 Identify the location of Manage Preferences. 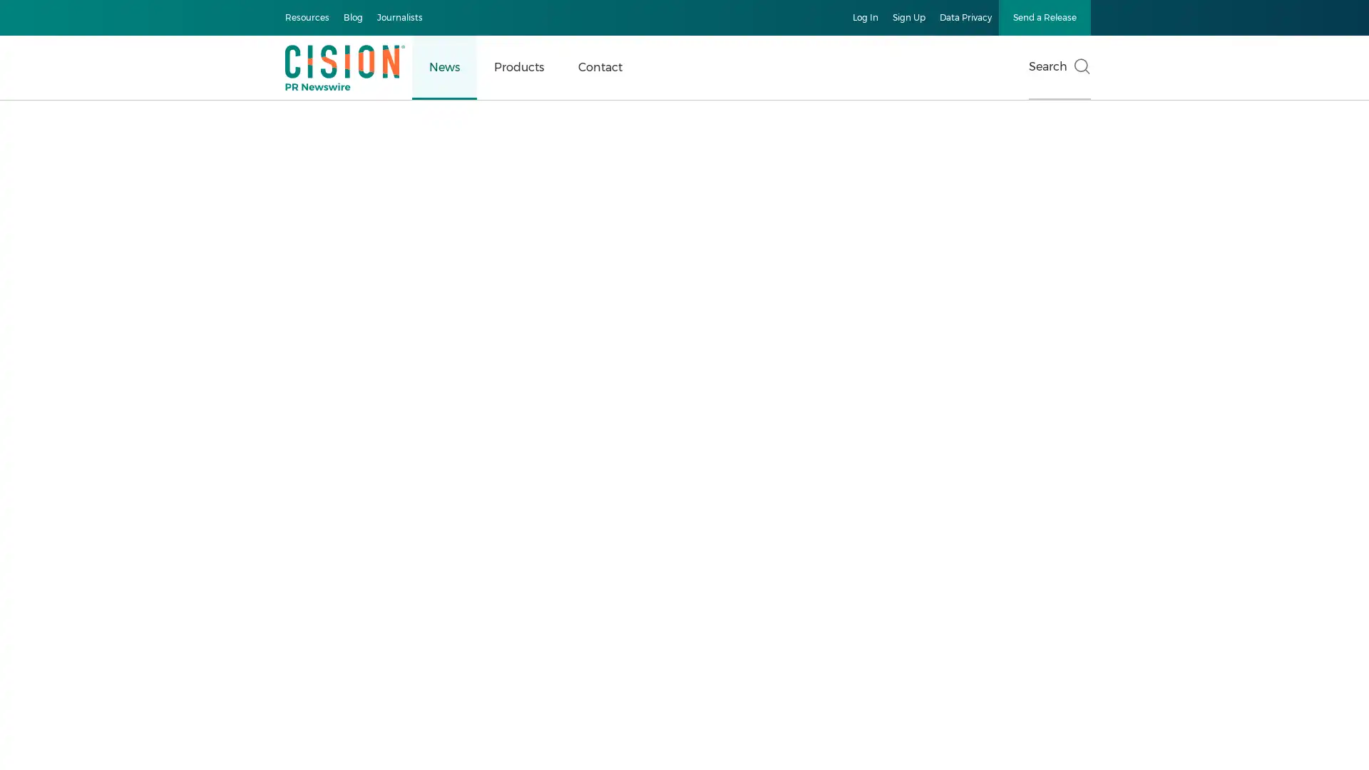
(626, 180).